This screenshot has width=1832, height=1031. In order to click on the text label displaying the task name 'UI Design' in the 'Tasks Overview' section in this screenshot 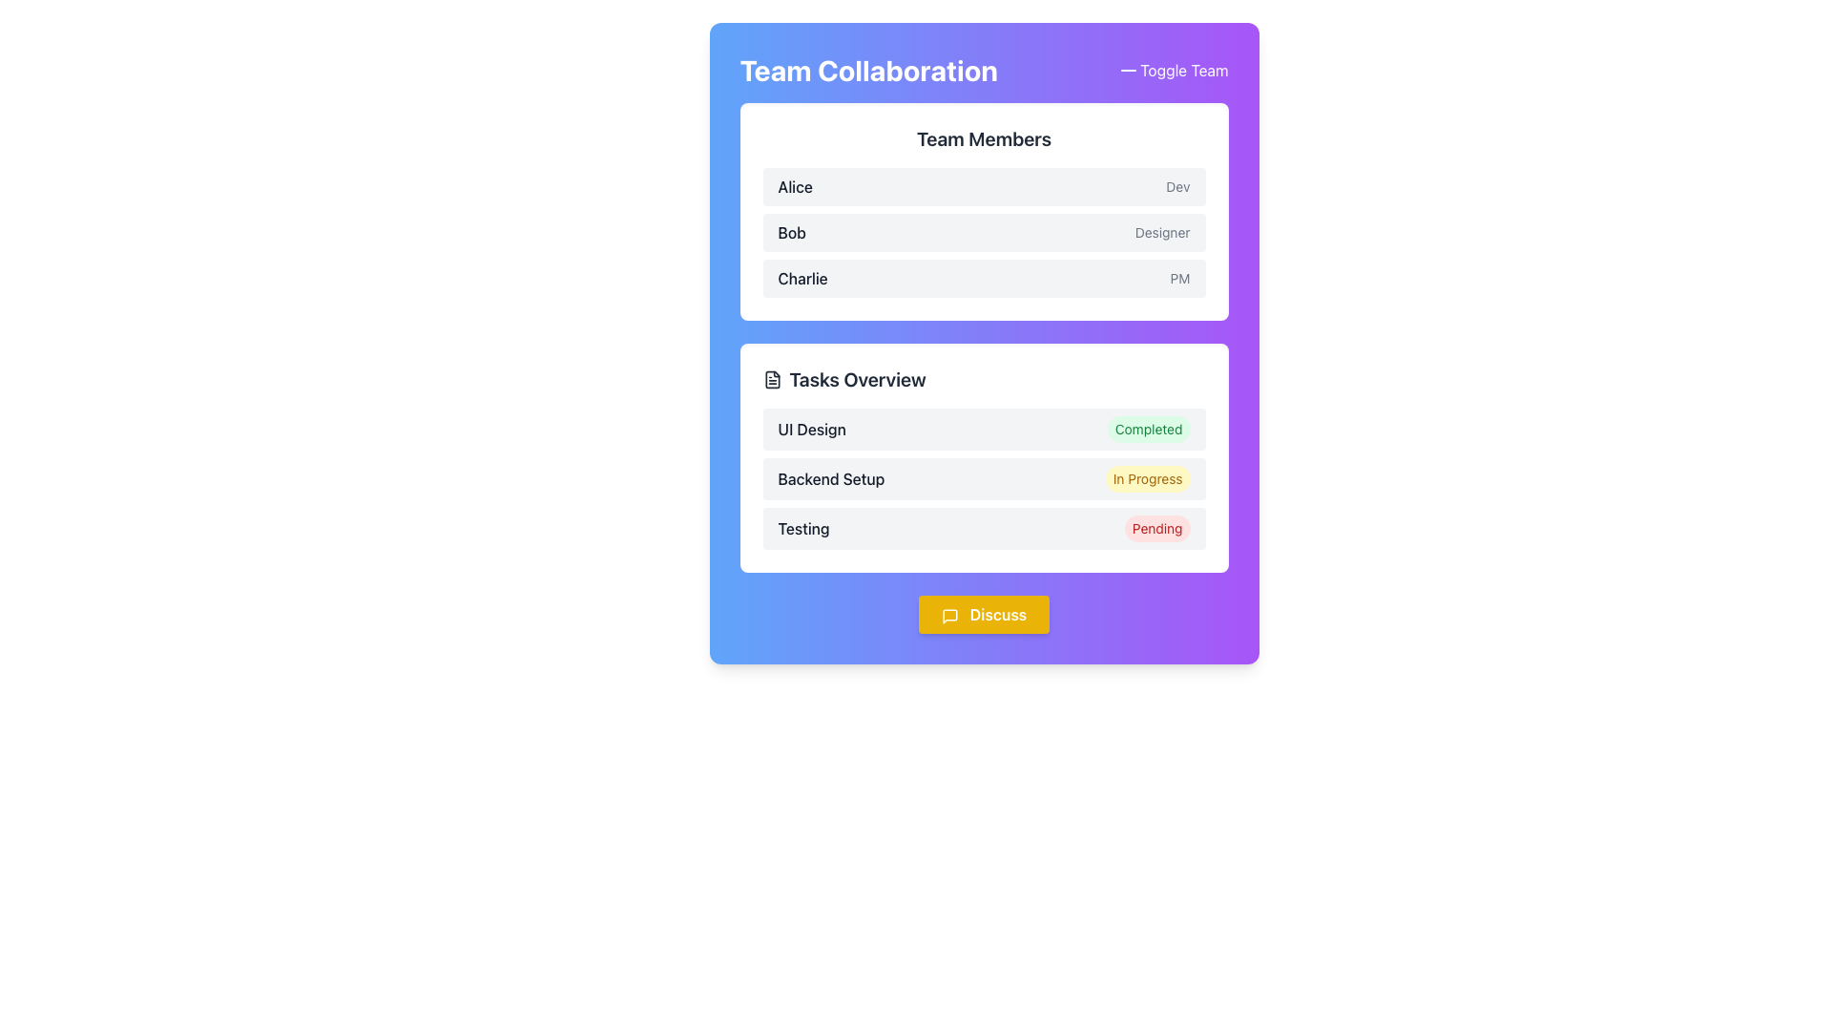, I will do `click(812, 430)`.